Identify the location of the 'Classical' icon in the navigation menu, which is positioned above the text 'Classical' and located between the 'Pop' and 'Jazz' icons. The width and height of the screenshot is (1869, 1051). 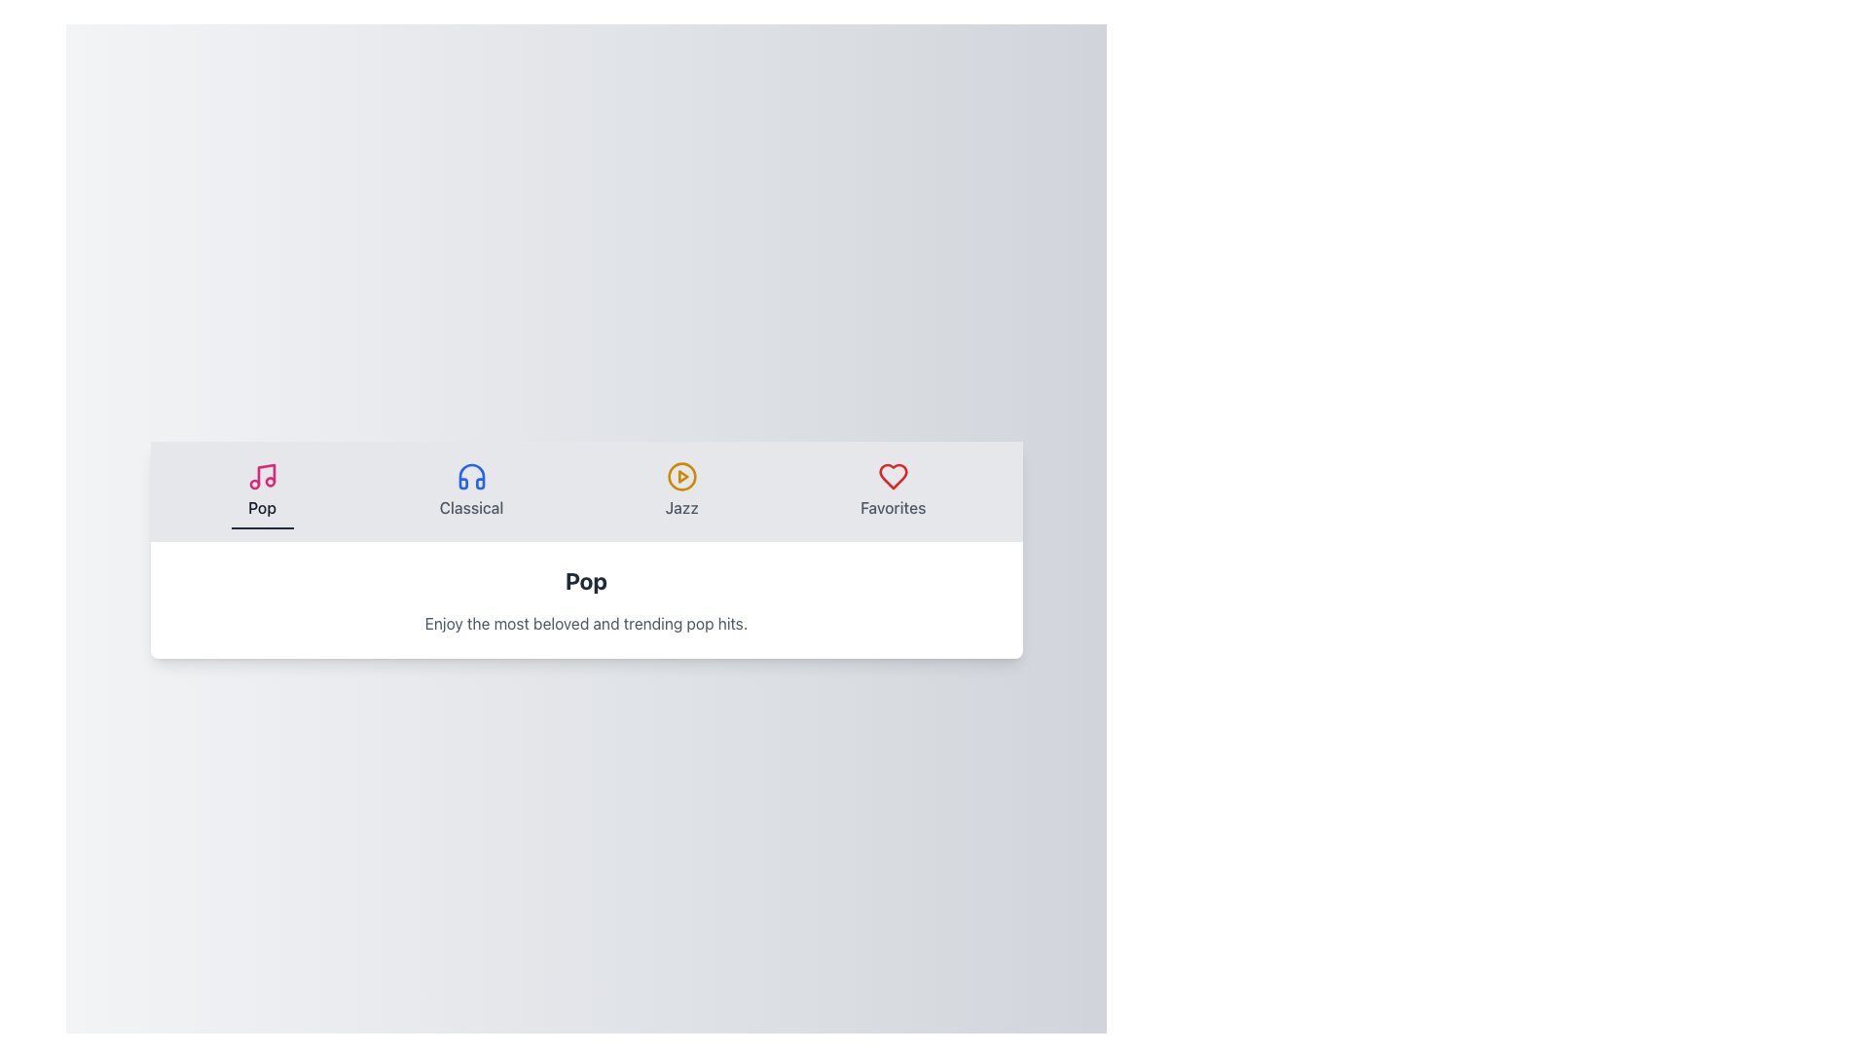
(471, 476).